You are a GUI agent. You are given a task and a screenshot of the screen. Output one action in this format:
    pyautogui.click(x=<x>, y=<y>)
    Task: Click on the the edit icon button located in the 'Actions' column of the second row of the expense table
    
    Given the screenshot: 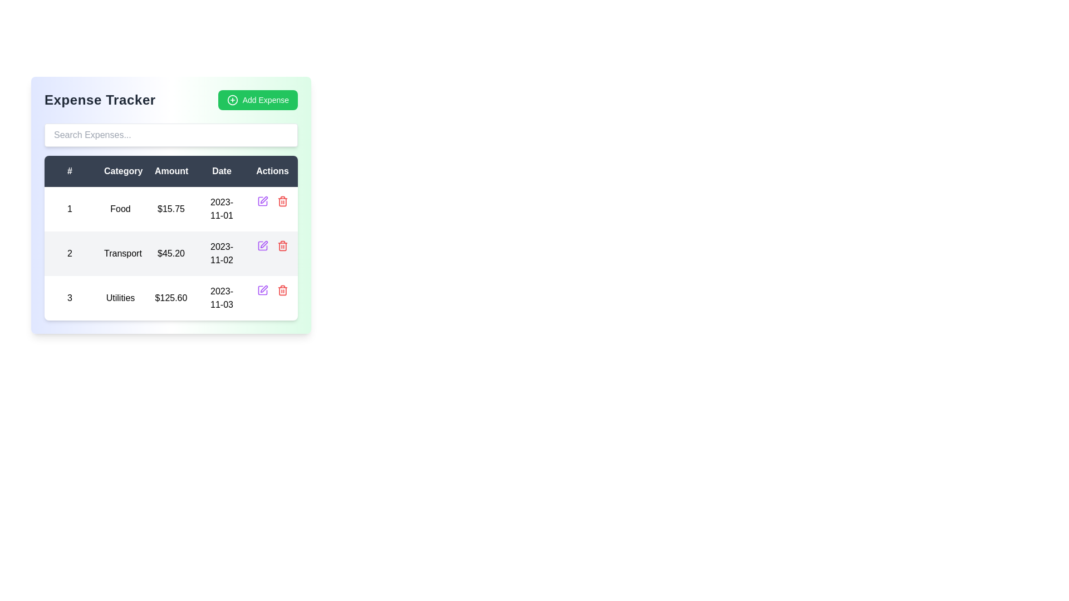 What is the action you would take?
    pyautogui.click(x=263, y=199)
    